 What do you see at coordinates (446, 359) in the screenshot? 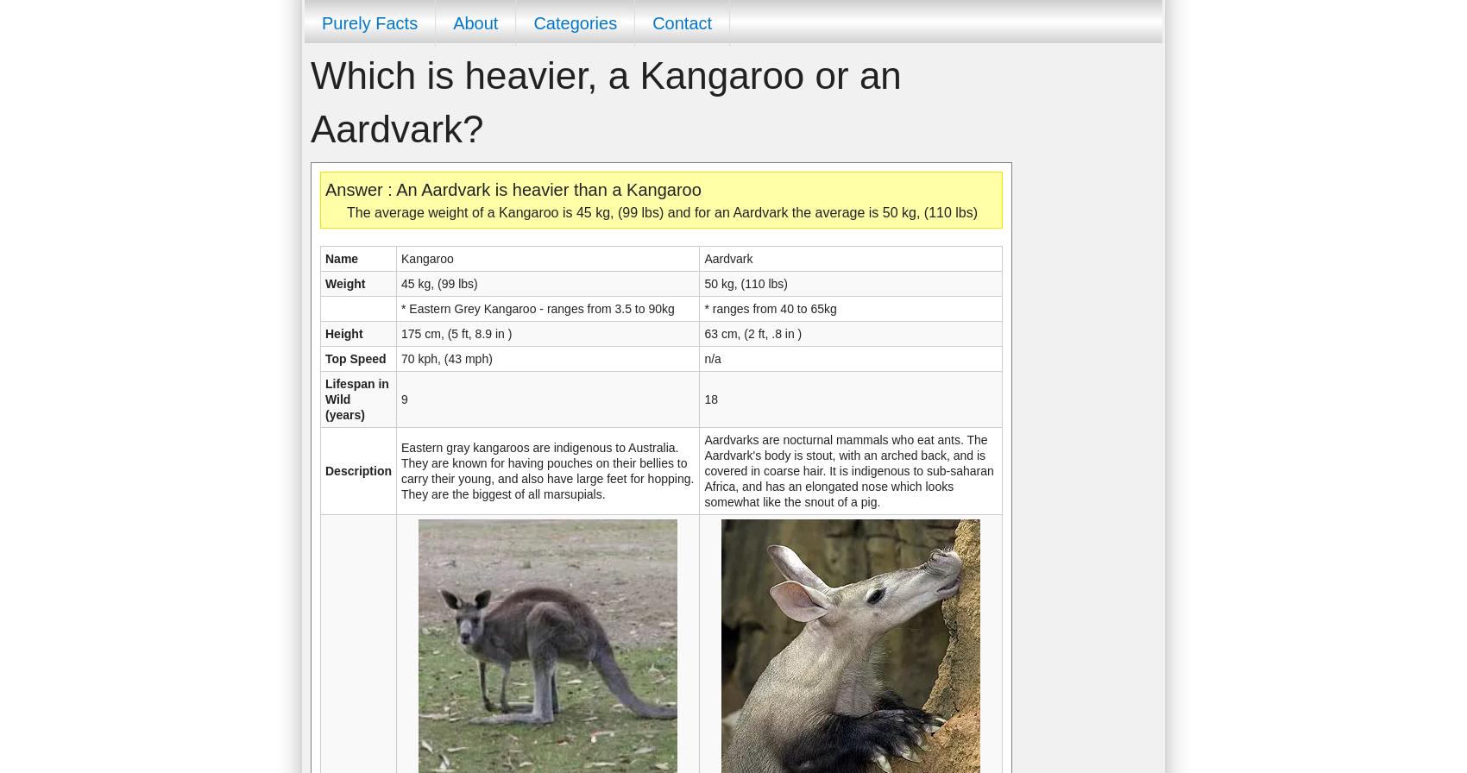
I see `'70 kph, (43 mph)'` at bounding box center [446, 359].